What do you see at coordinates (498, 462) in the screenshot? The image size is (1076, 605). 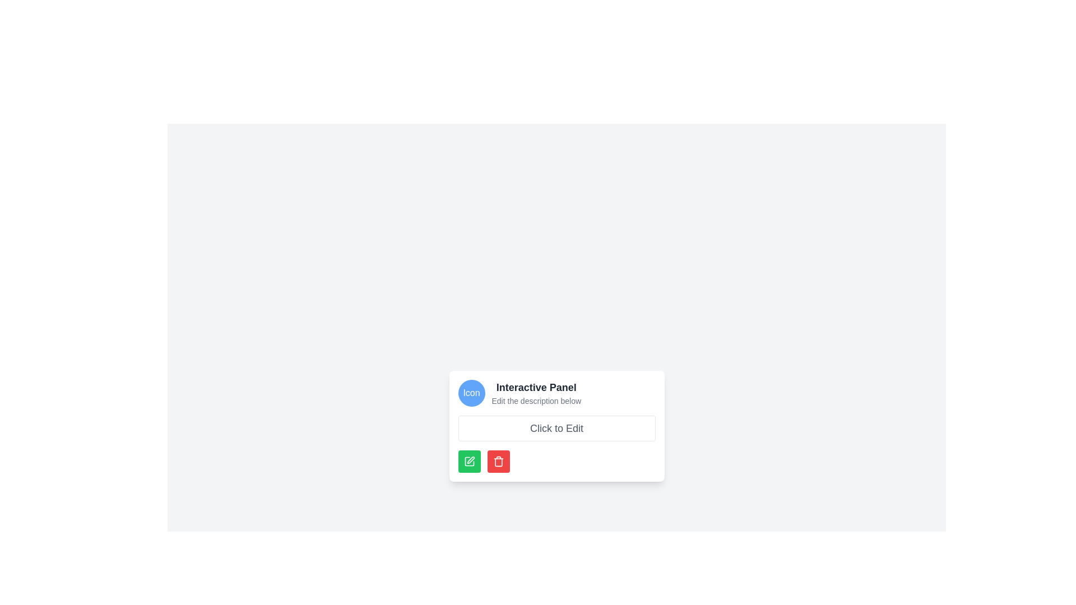 I see `the red delete button, which features a trash can icon, located at the bottom of a card layout to initiate a delete action` at bounding box center [498, 462].